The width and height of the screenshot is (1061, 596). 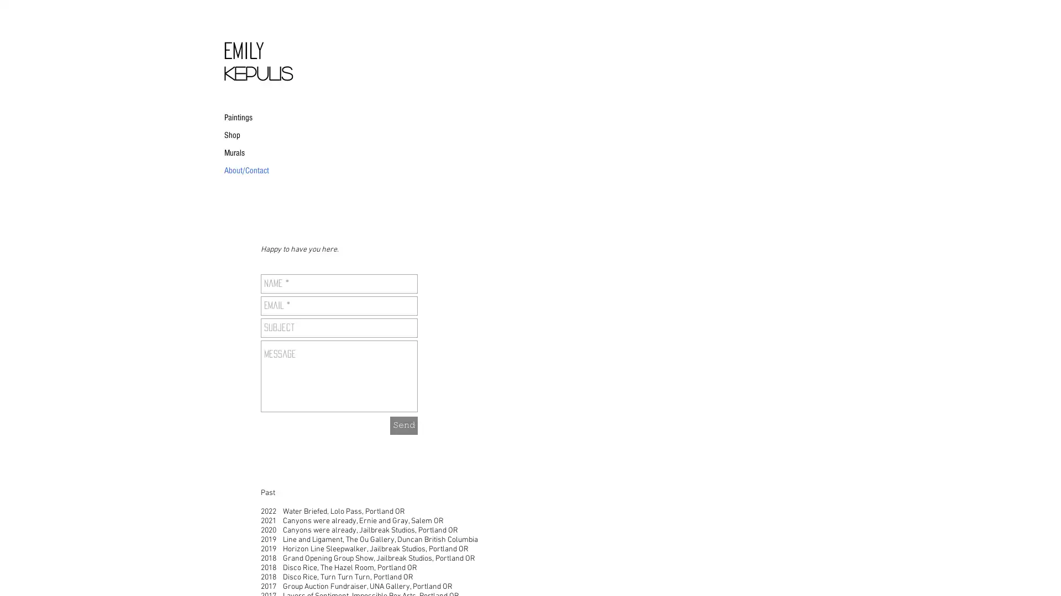 I want to click on Send, so click(x=403, y=424).